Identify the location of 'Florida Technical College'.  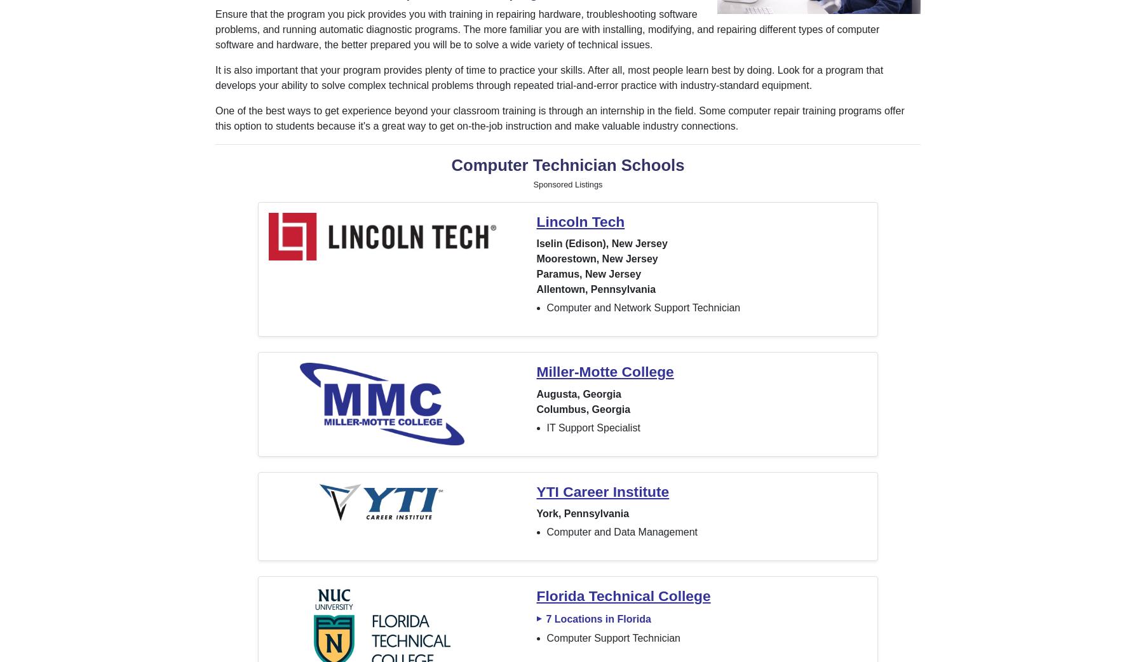
(623, 595).